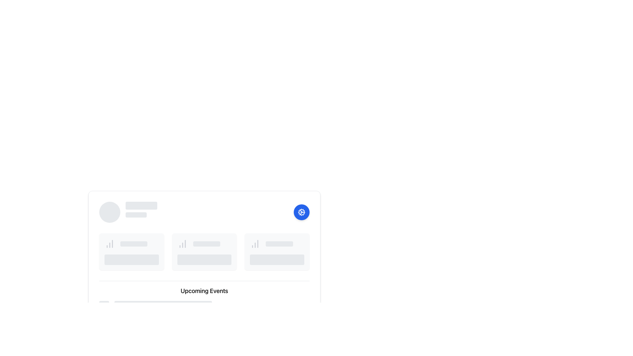 This screenshot has height=356, width=633. Describe the element at coordinates (301, 212) in the screenshot. I see `the cogwheel icon located in the top-right corner of the interface` at that location.